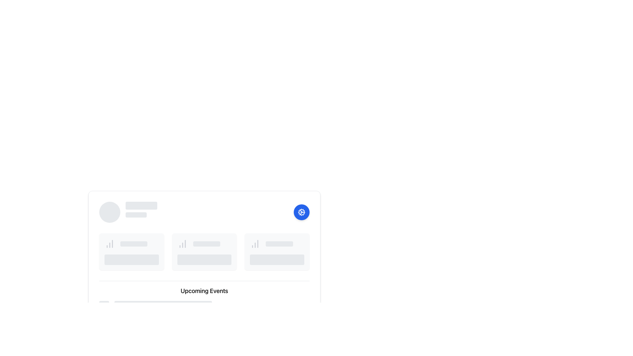 This screenshot has height=356, width=633. Describe the element at coordinates (301, 212) in the screenshot. I see `the cogwheel icon located in the top-right corner of the interface` at that location.